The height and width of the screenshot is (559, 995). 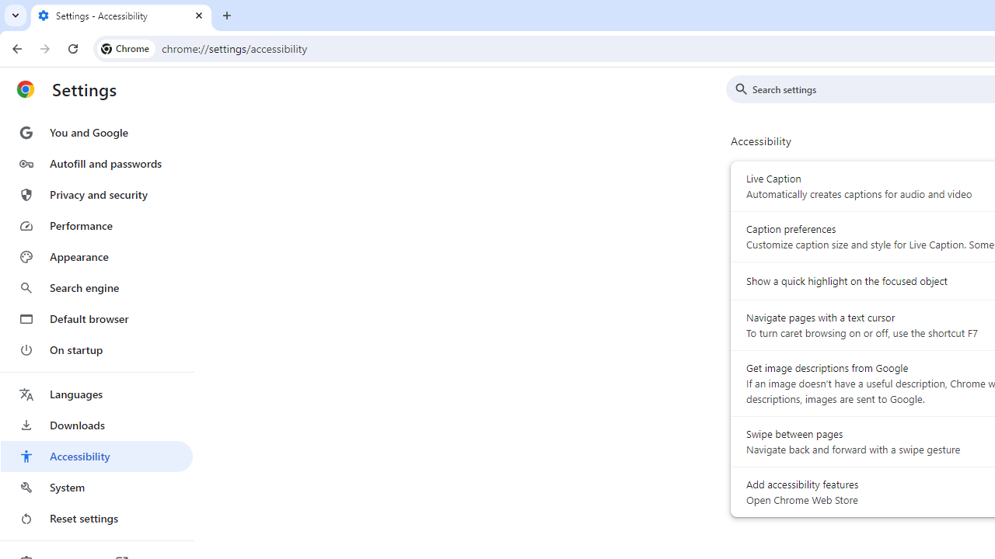 What do you see at coordinates (96, 455) in the screenshot?
I see `'Accessibility'` at bounding box center [96, 455].